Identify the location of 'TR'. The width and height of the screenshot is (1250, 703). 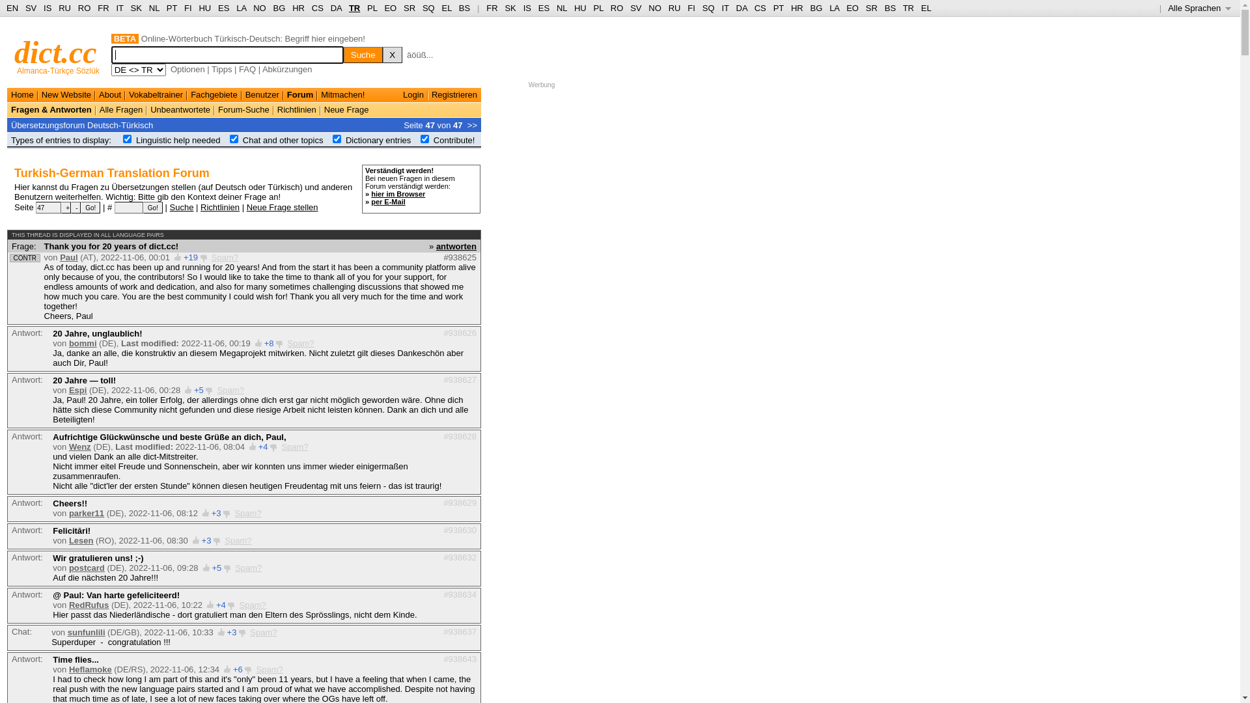
(902, 8).